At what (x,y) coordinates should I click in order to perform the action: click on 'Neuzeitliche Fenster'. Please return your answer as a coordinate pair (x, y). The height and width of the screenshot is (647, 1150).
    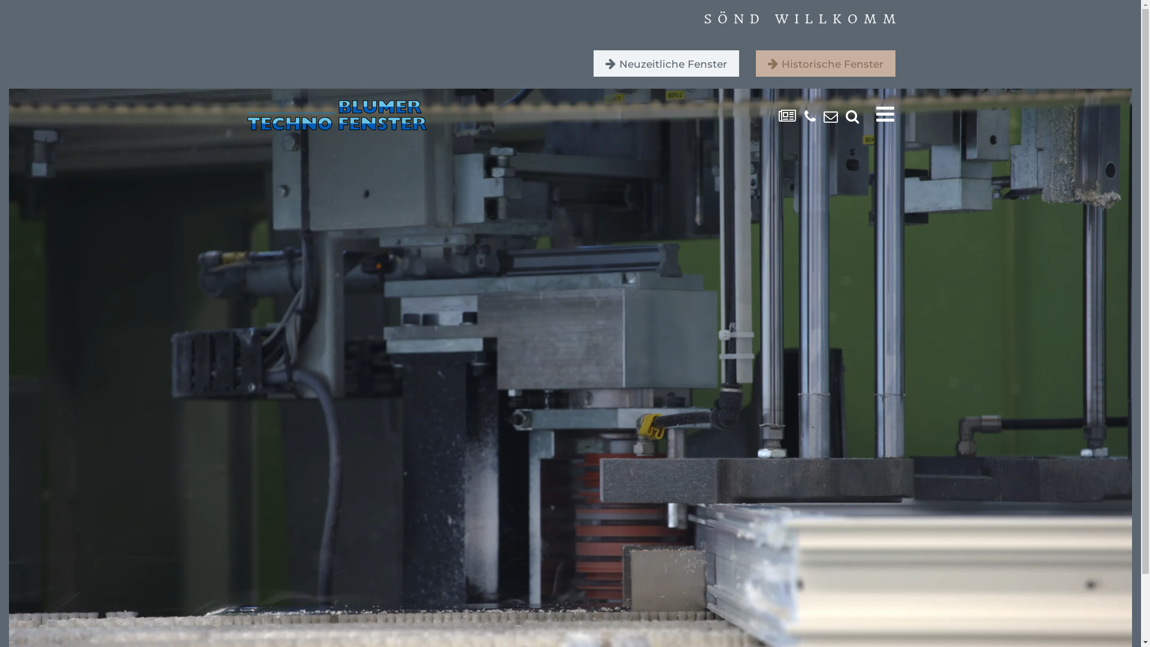
    Looking at the image, I should click on (665, 63).